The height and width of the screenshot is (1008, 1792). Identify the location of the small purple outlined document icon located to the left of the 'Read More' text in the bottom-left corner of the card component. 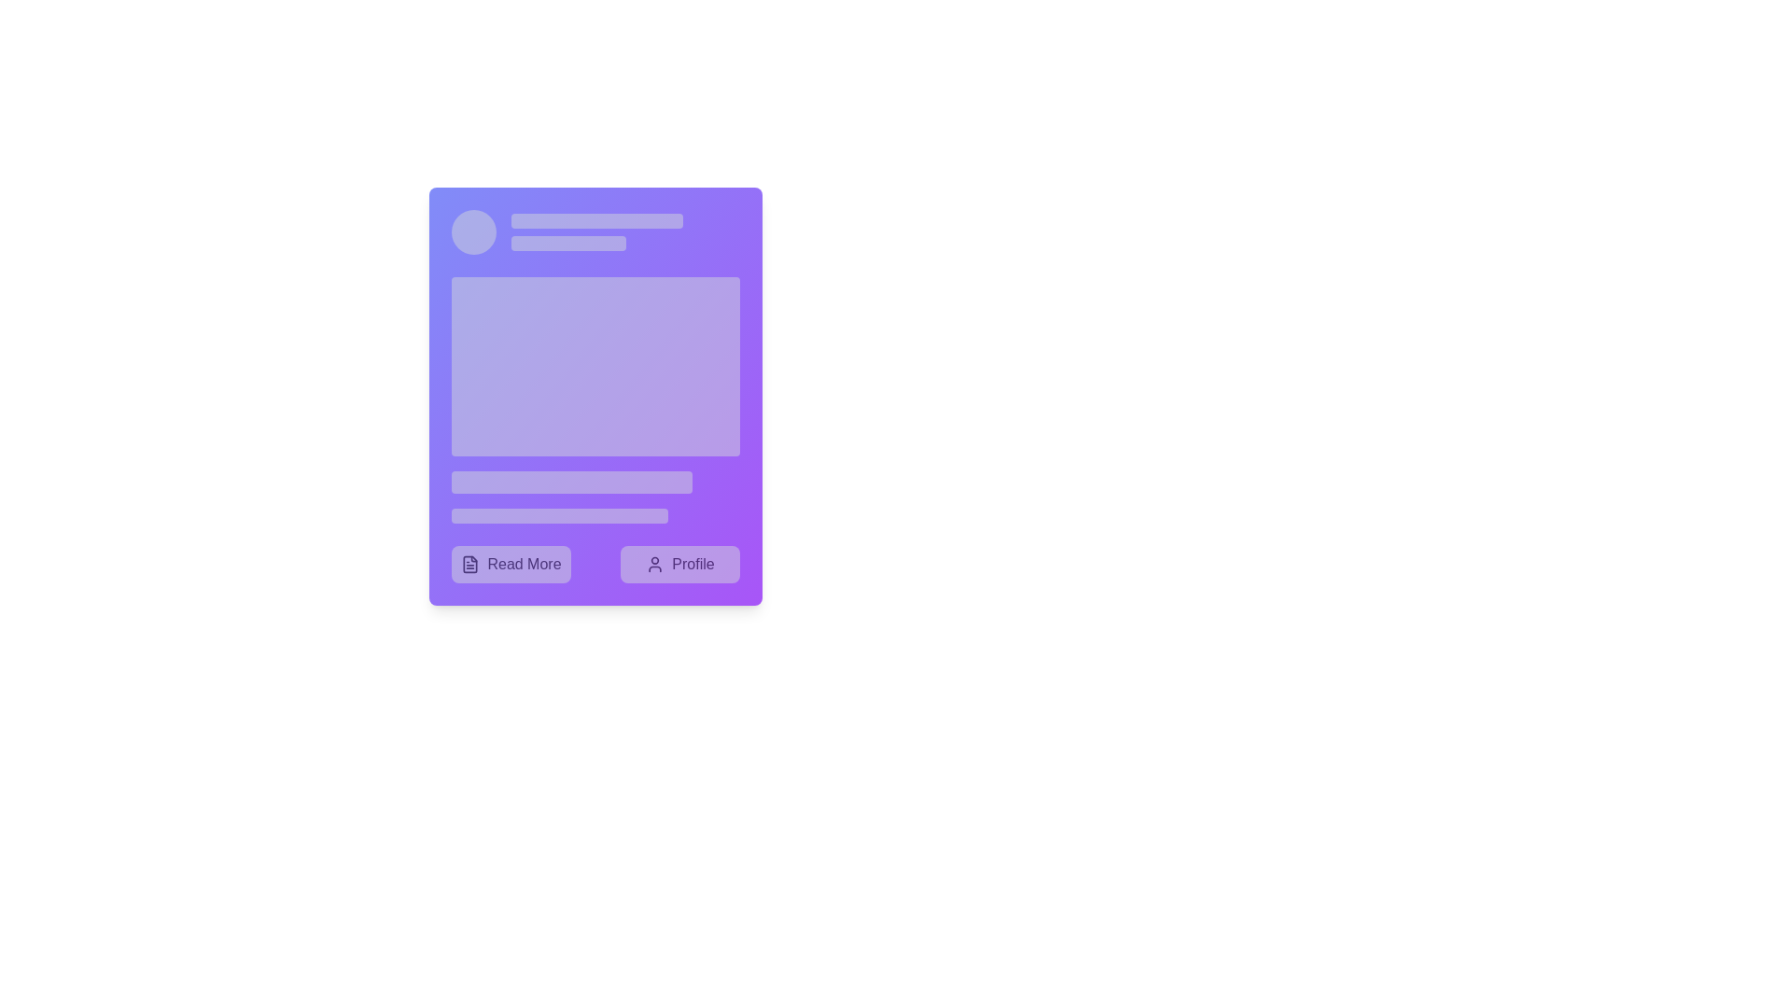
(470, 564).